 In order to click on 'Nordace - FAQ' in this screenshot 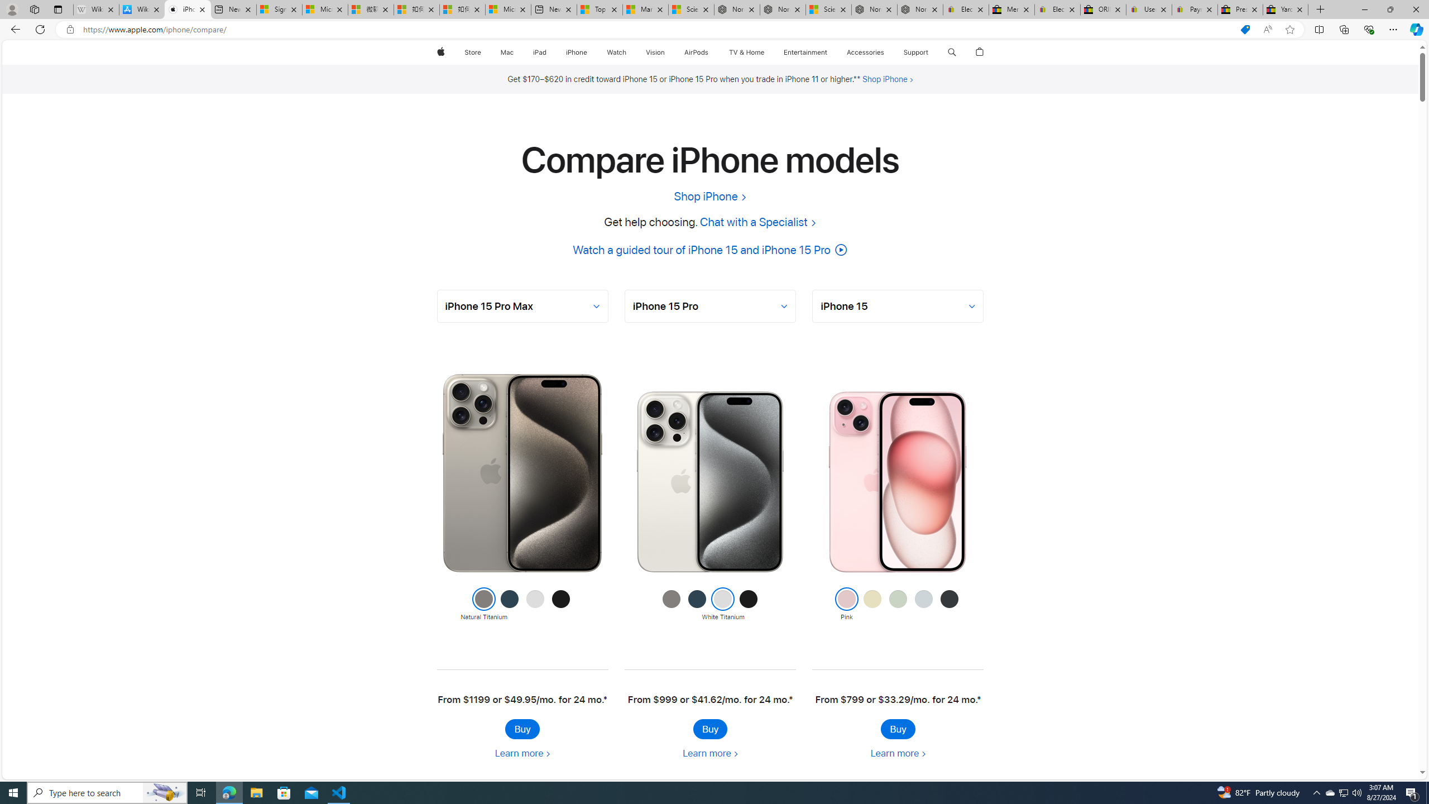, I will do `click(919, 9)`.